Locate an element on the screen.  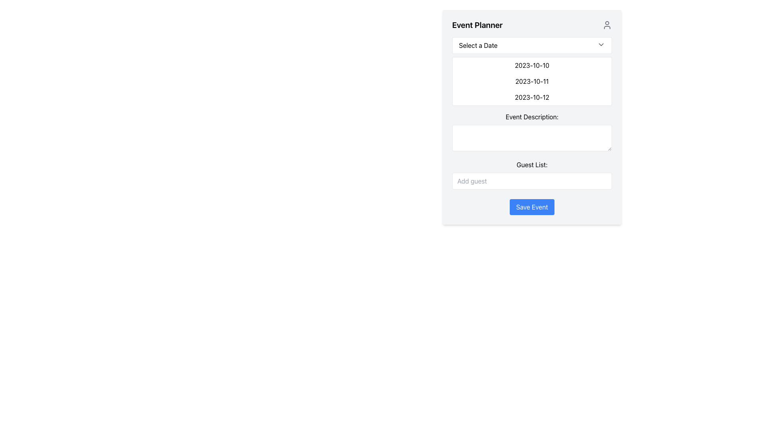
the clickable text item displaying the date '2023-10-12' is located at coordinates (532, 97).